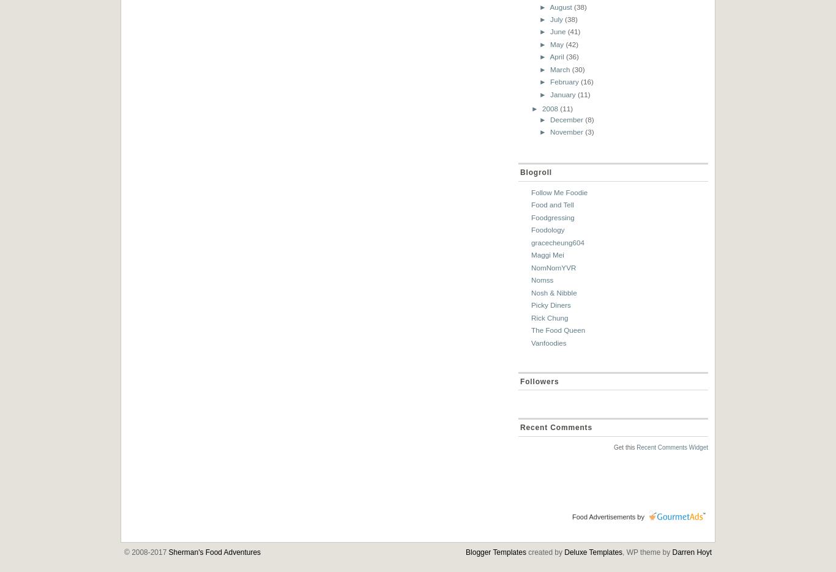 Image resolution: width=836 pixels, height=572 pixels. What do you see at coordinates (589, 132) in the screenshot?
I see `'(3)'` at bounding box center [589, 132].